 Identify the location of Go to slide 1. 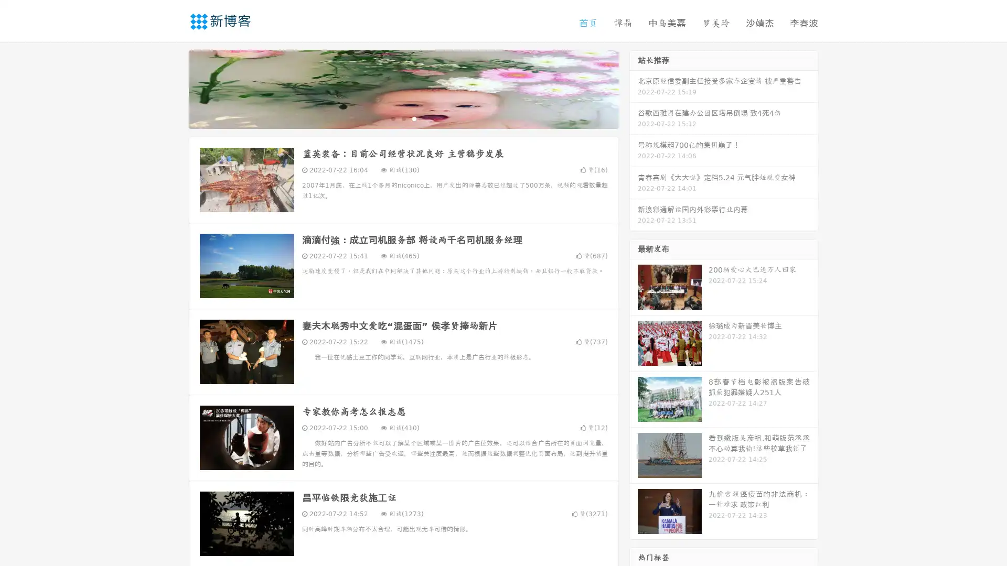
(392, 118).